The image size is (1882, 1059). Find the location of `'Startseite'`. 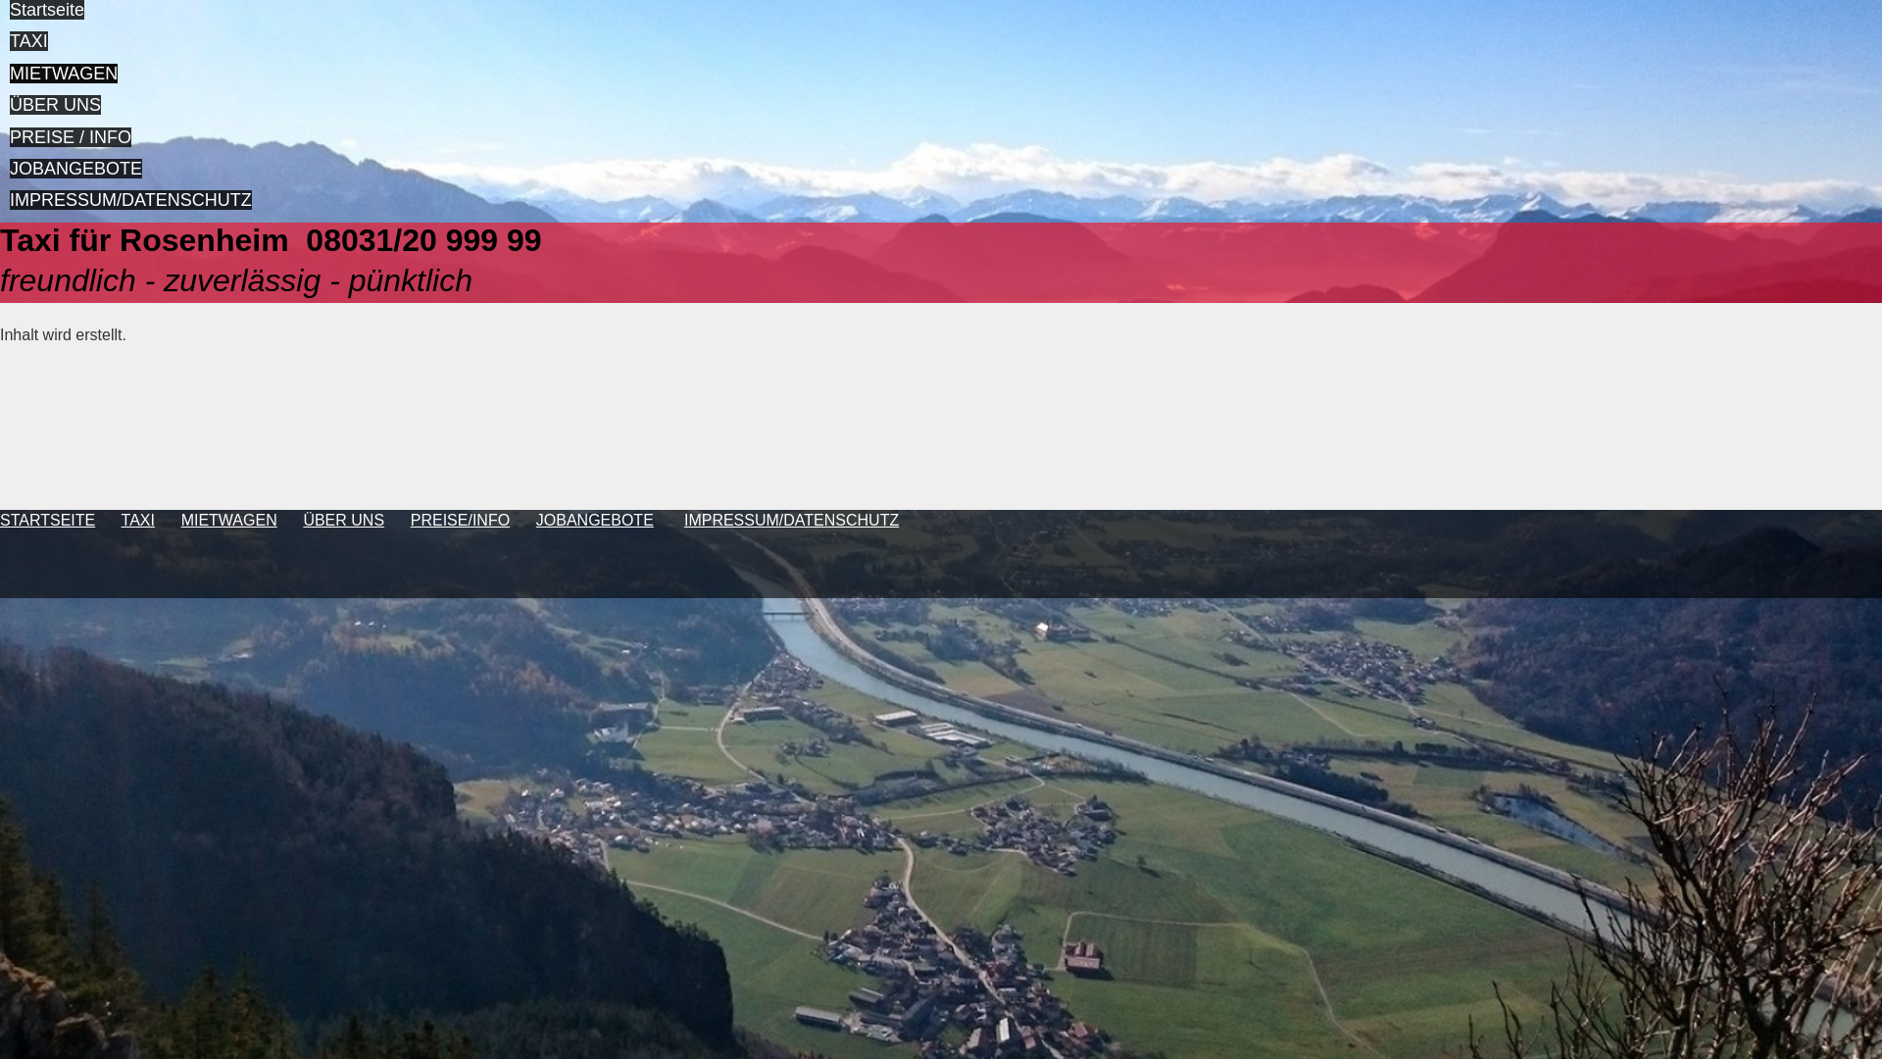

'Startseite' is located at coordinates (47, 10).